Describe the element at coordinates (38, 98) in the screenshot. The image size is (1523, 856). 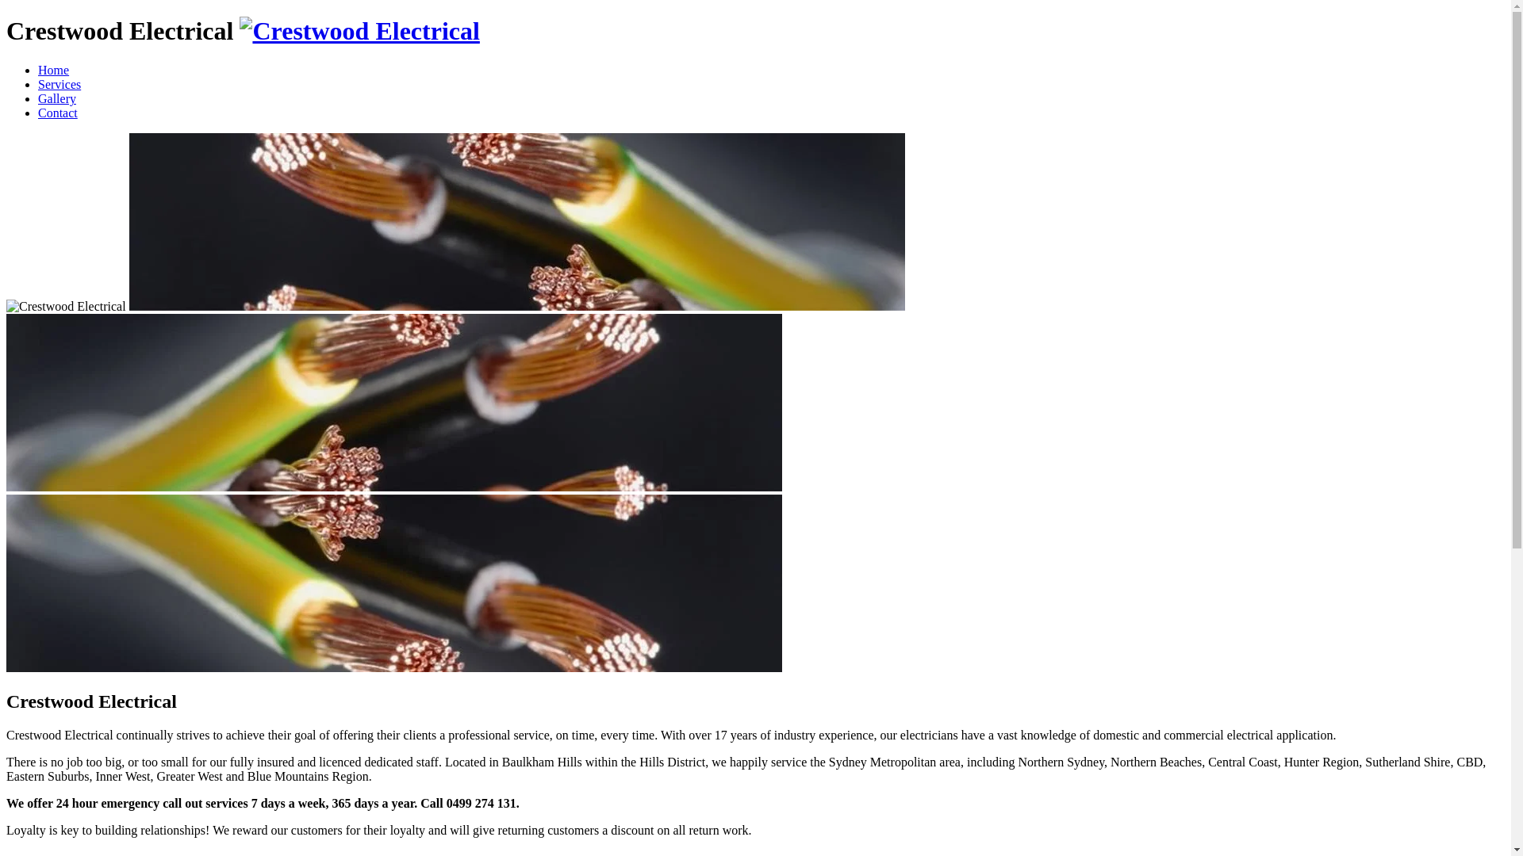
I see `'Gallery'` at that location.